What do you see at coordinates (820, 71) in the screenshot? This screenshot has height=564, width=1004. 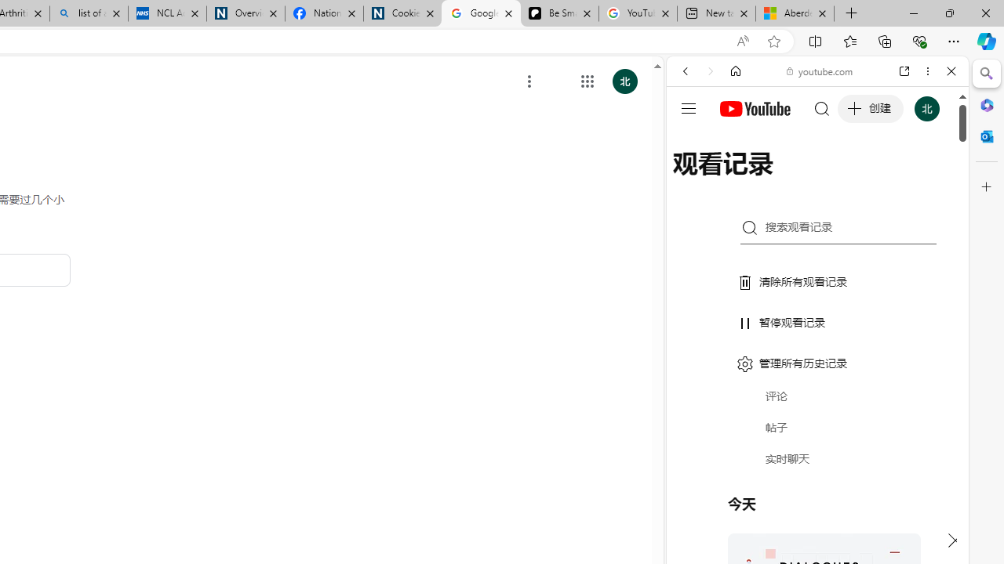 I see `'youtube.com'` at bounding box center [820, 71].